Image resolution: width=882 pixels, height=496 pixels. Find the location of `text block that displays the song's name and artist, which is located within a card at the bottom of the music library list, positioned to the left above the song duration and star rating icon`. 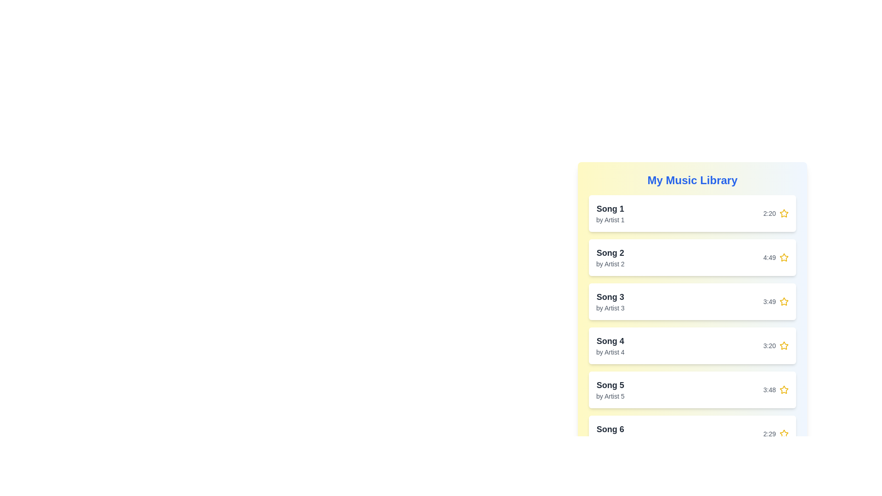

text block that displays the song's name and artist, which is located within a card at the bottom of the music library list, positioned to the left above the song duration and star rating icon is located at coordinates (610, 434).